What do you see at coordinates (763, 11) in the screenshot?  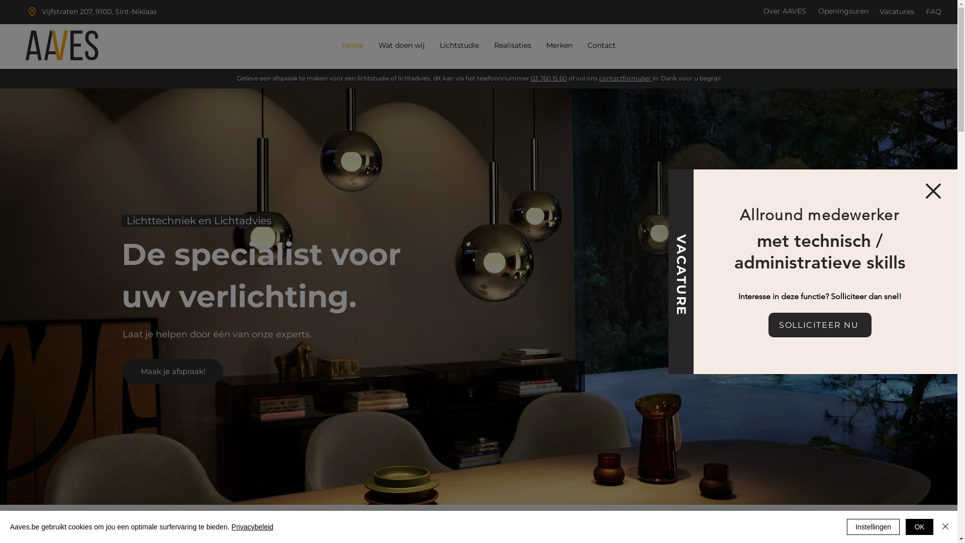 I see `'Over AAVES'` at bounding box center [763, 11].